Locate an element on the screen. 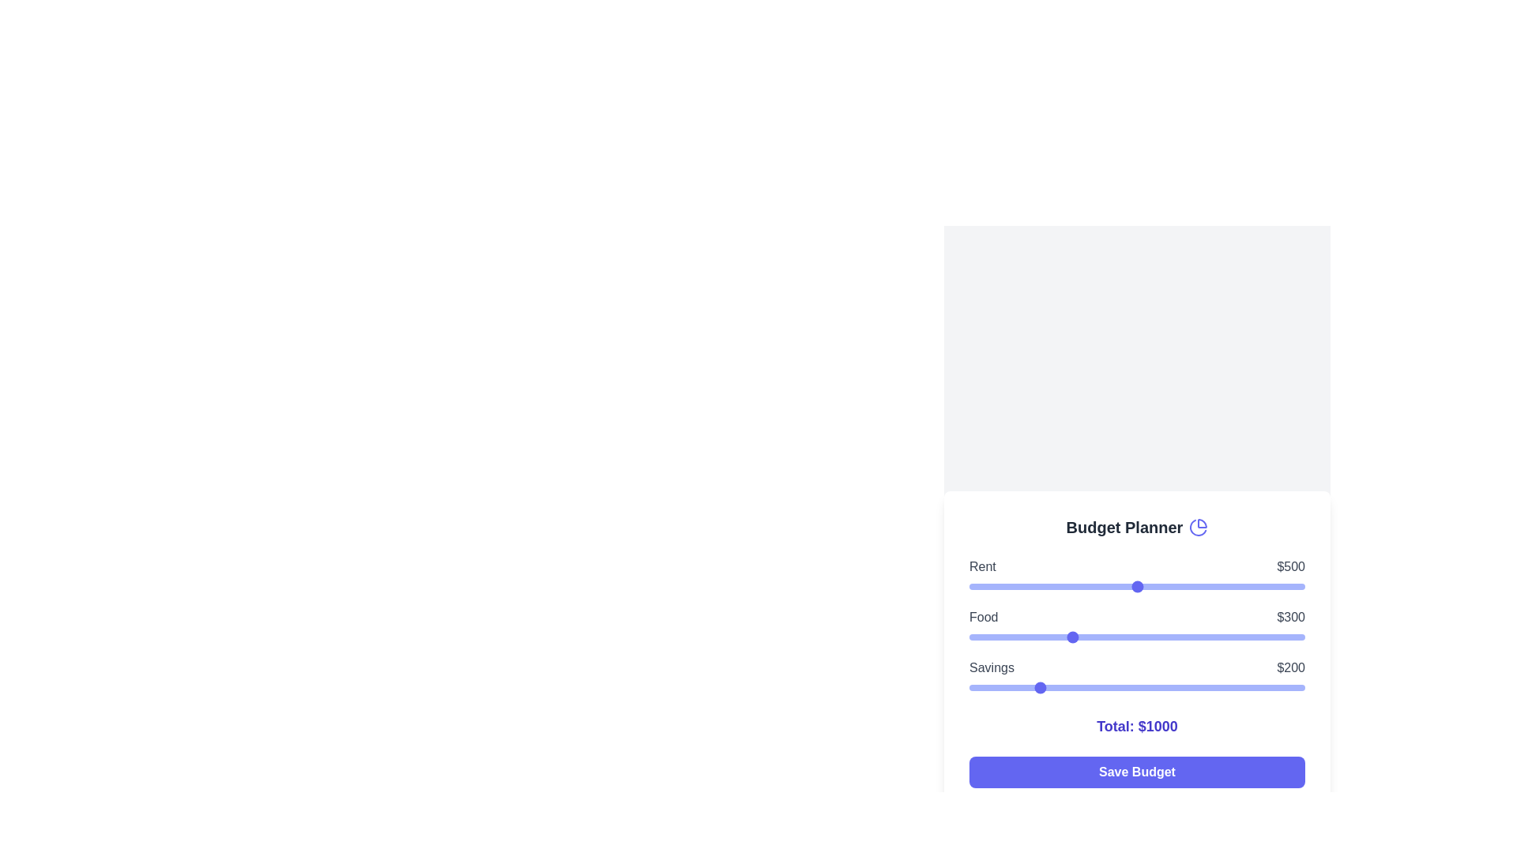 This screenshot has width=1517, height=853. the savings slider to 872 is located at coordinates (1261, 687).